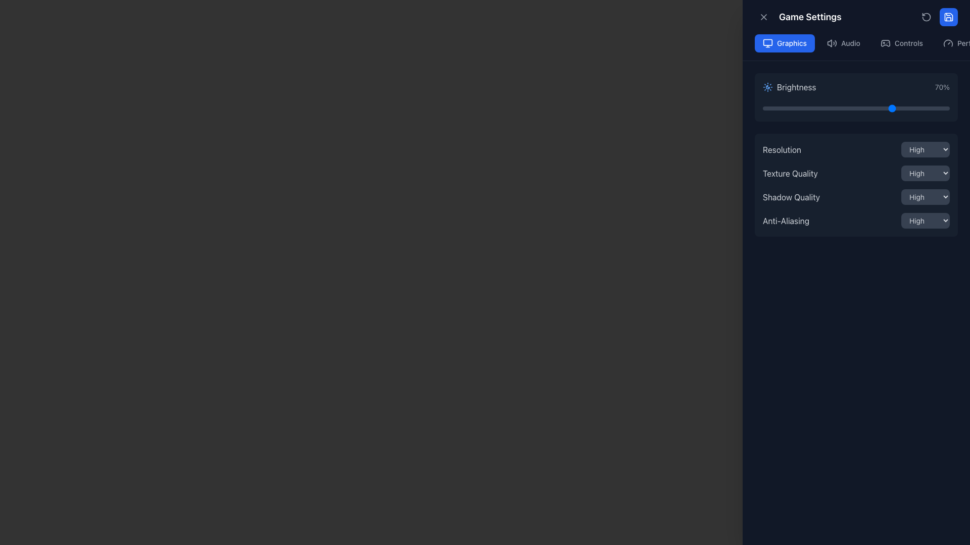 The image size is (970, 545). I want to click on the audio volume icon next to the 'Audio' label in the navigation bar of the application, so click(832, 42).